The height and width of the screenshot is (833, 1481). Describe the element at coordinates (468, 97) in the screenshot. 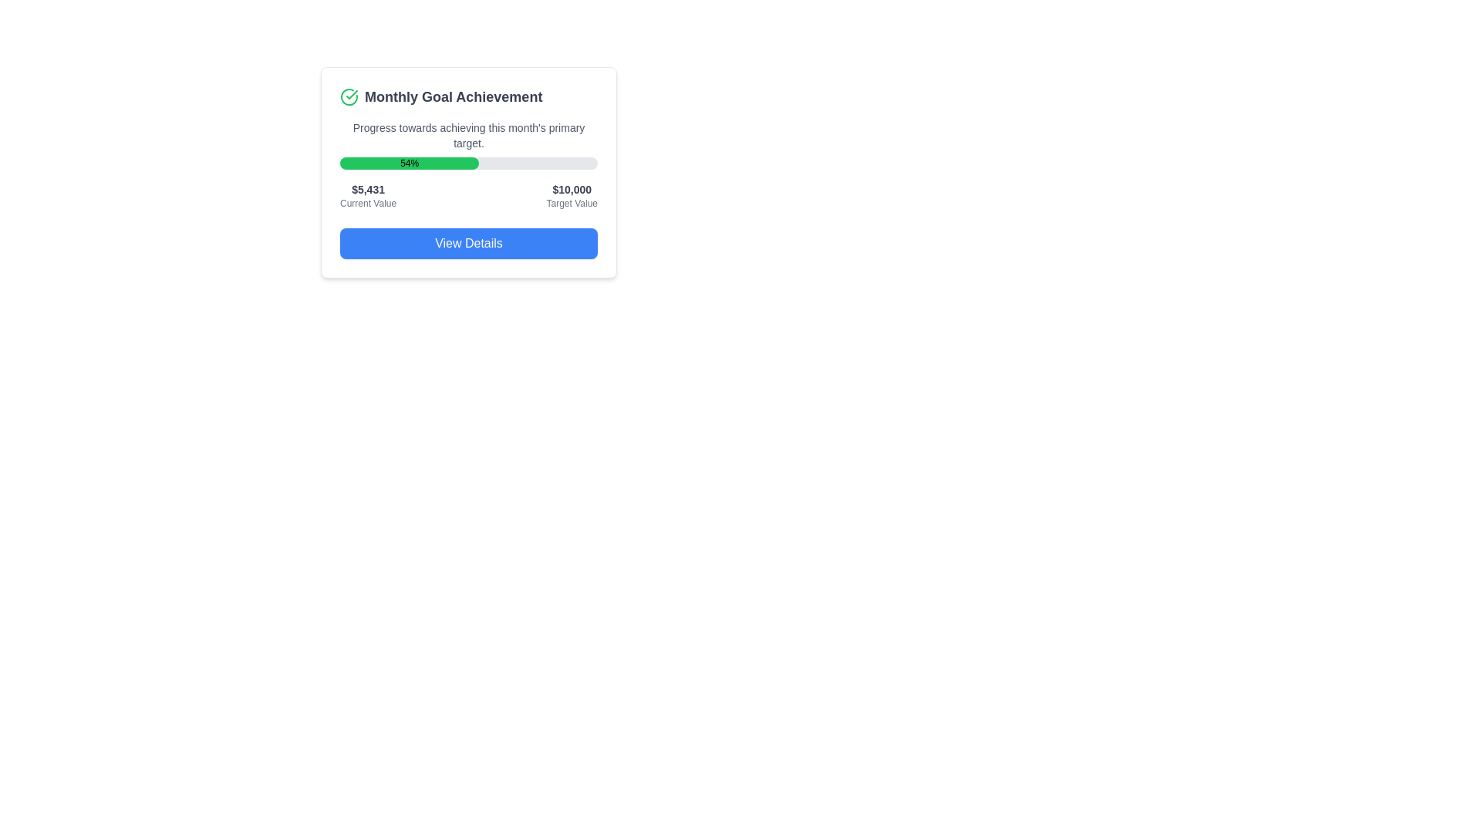

I see `the Text Label that serves as a title or heading for the card component, located at the upper portion and horizontally centered` at that location.